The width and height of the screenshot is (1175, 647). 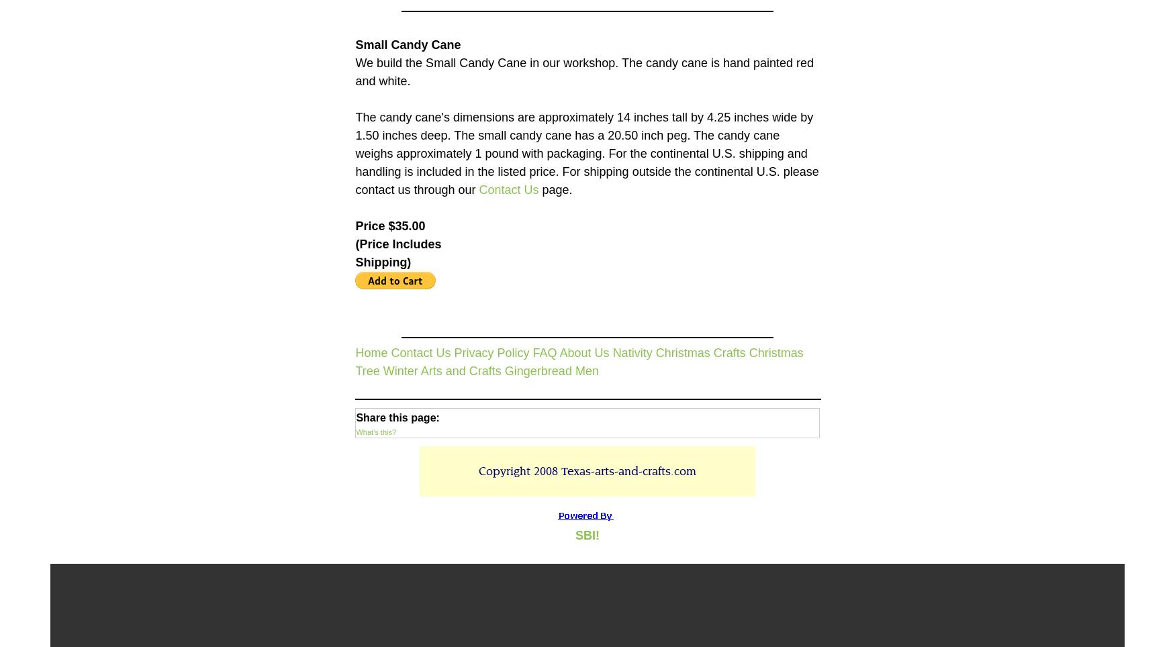 What do you see at coordinates (408, 44) in the screenshot?
I see `'Small Candy Cane'` at bounding box center [408, 44].